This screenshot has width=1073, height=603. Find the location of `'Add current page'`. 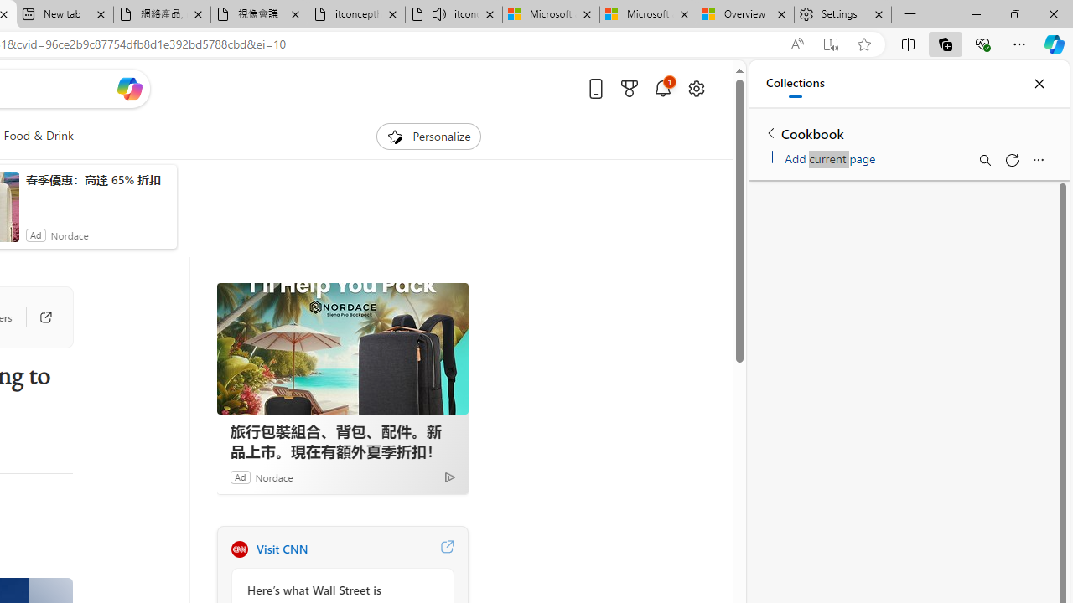

'Add current page' is located at coordinates (824, 156).